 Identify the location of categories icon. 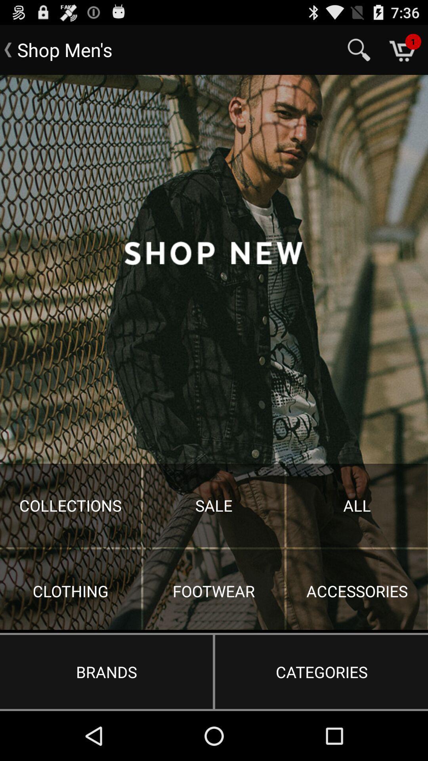
(321, 671).